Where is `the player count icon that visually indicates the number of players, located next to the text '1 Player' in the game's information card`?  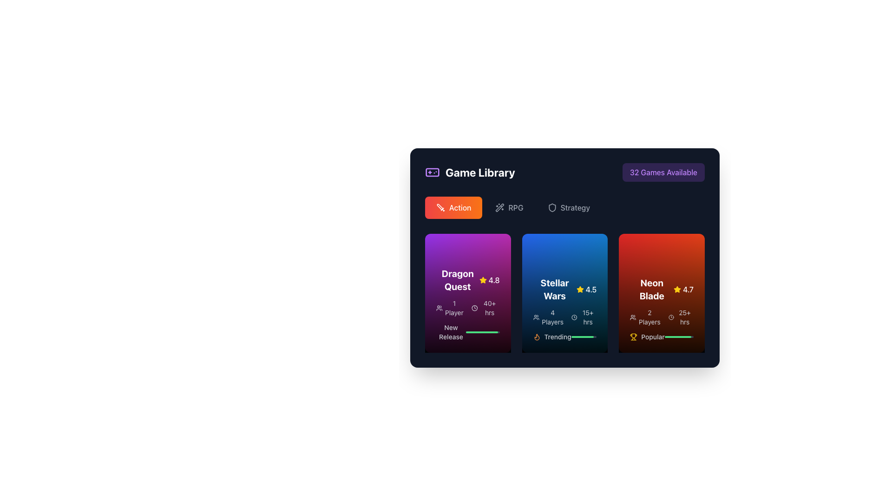
the player count icon that visually indicates the number of players, located next to the text '1 Player' in the game's information card is located at coordinates (439, 308).